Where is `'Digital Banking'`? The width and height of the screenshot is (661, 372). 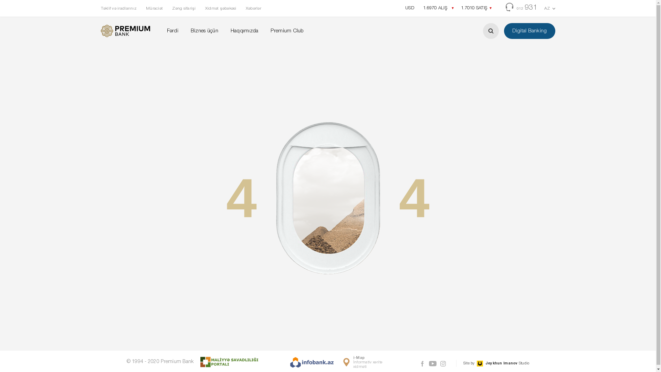 'Digital Banking' is located at coordinates (529, 30).